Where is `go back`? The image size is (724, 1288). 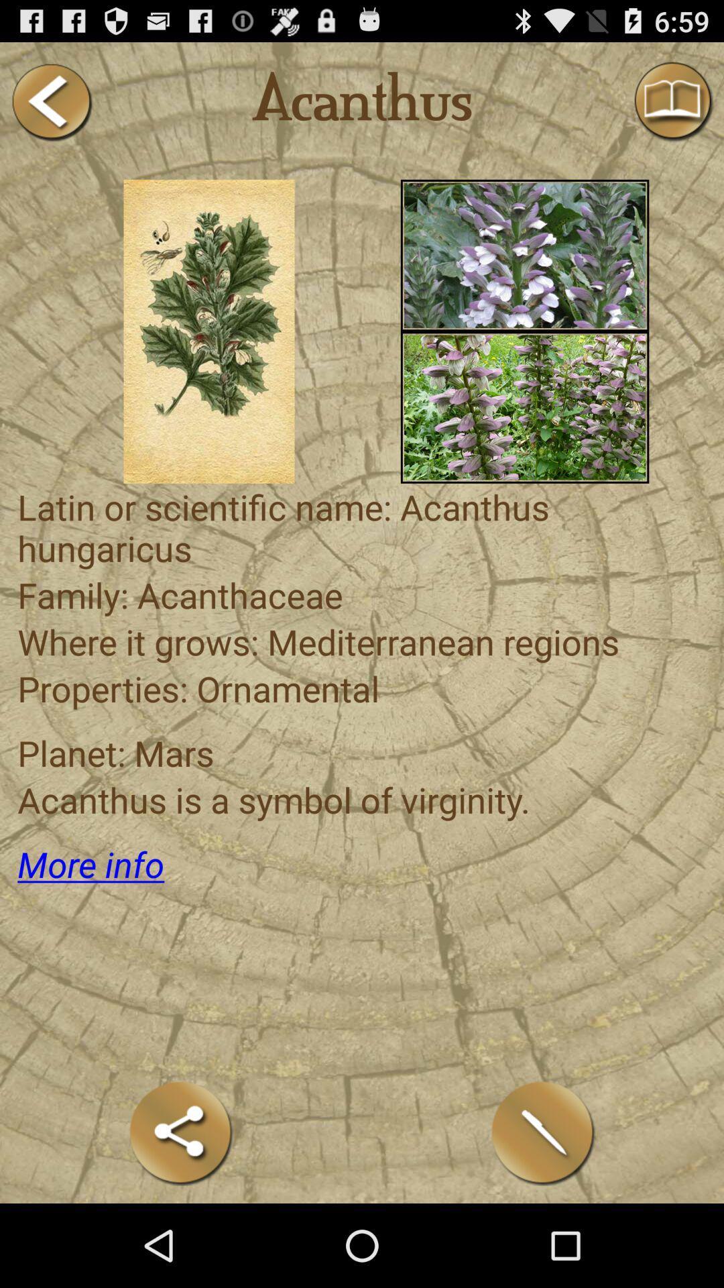 go back is located at coordinates (50, 101).